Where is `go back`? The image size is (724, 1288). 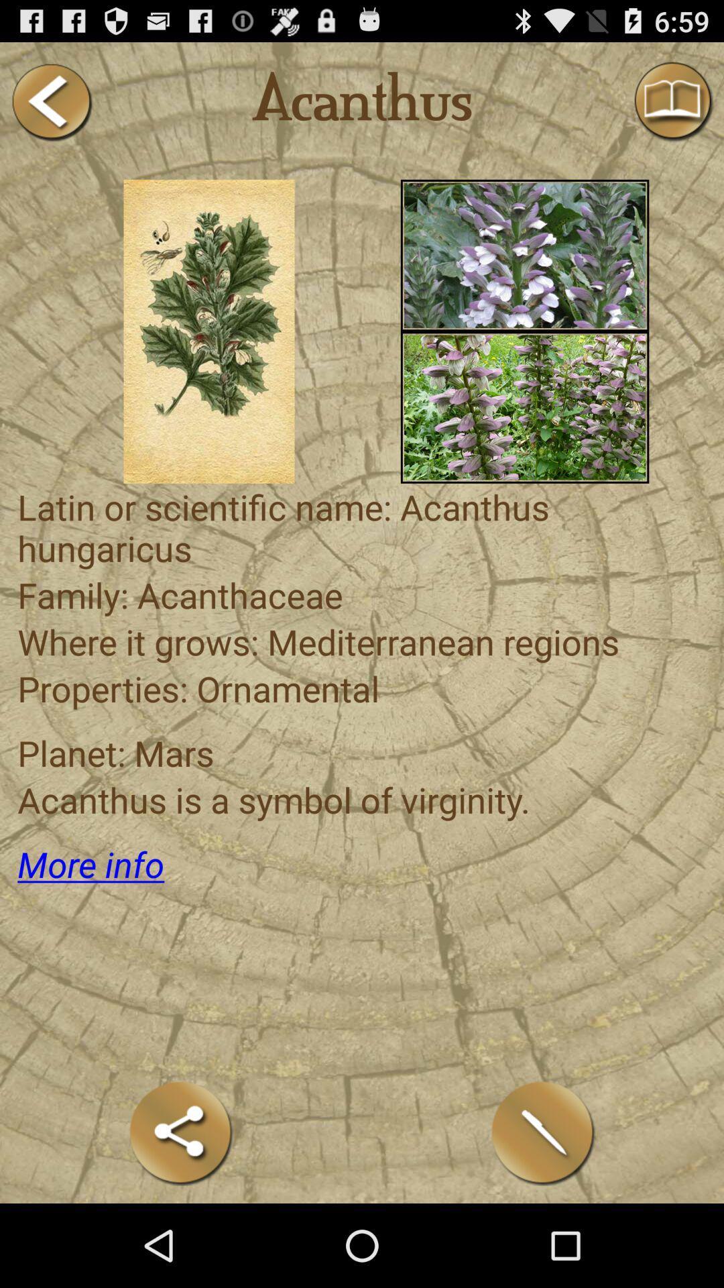 go back is located at coordinates (50, 101).